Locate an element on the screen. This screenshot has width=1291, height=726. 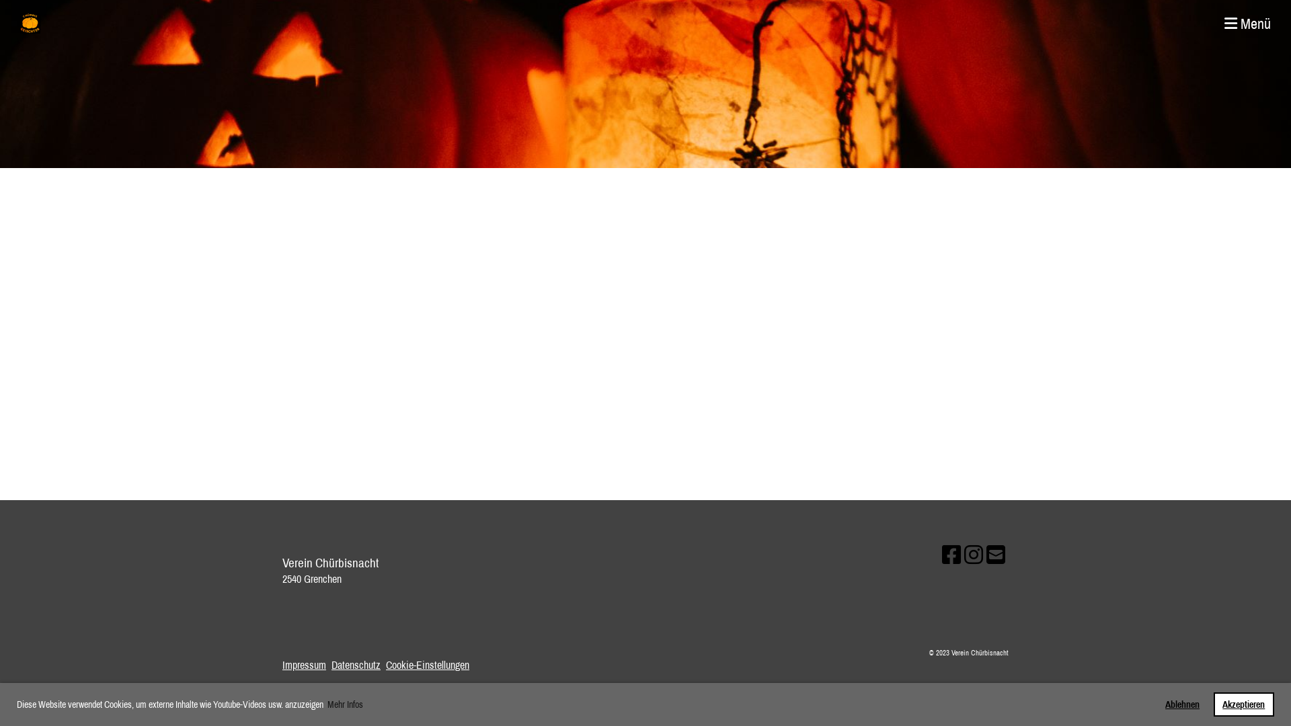
'Mehr Infos' is located at coordinates (325, 704).